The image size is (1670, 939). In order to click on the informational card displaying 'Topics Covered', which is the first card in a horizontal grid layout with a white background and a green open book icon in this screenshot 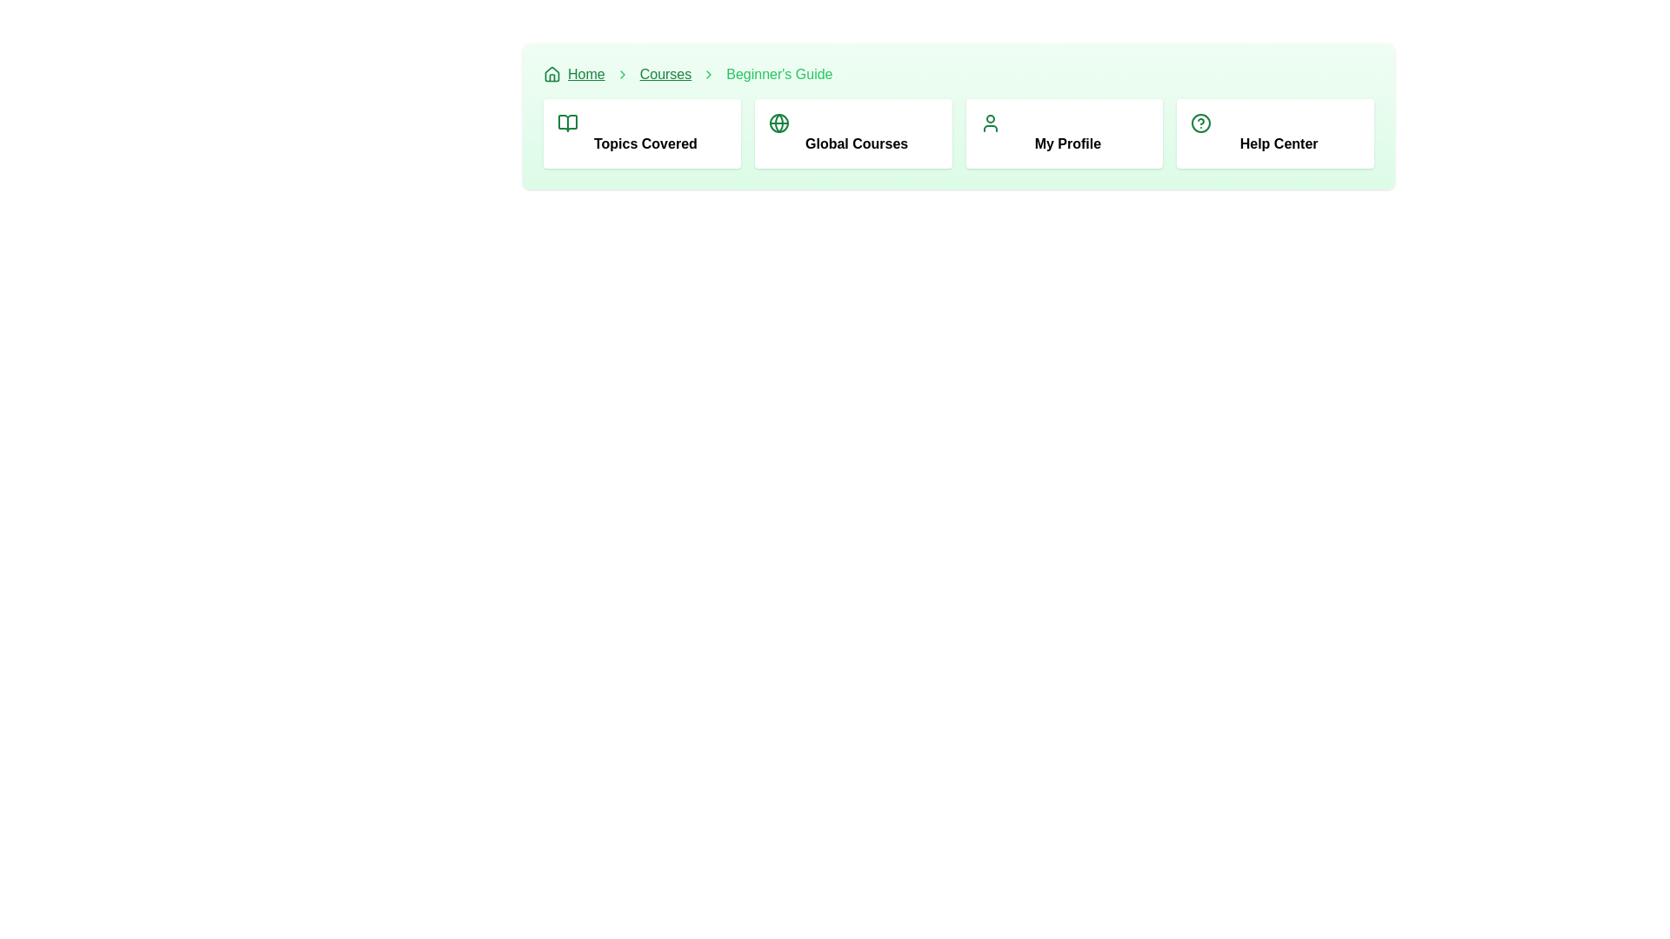, I will do `click(641, 133)`.